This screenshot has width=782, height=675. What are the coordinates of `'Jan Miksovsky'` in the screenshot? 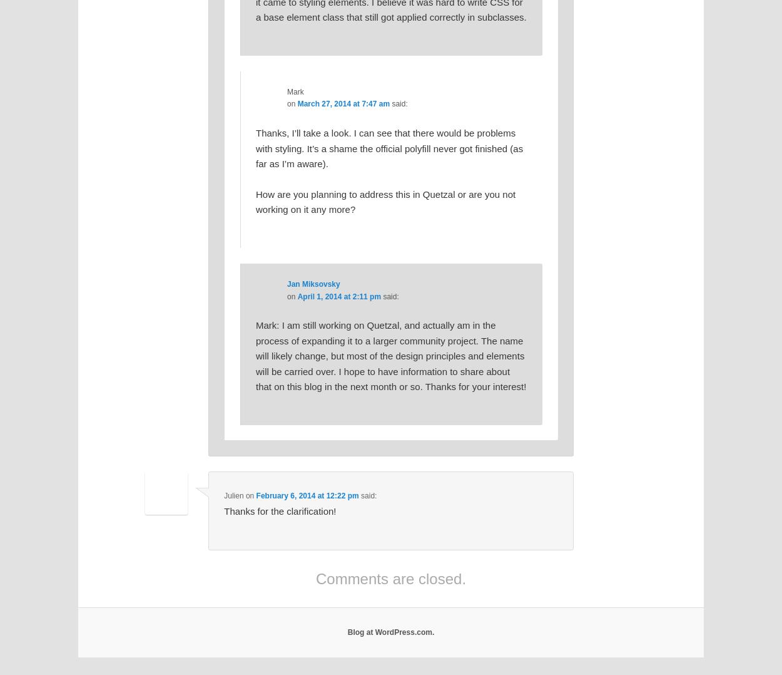 It's located at (313, 284).